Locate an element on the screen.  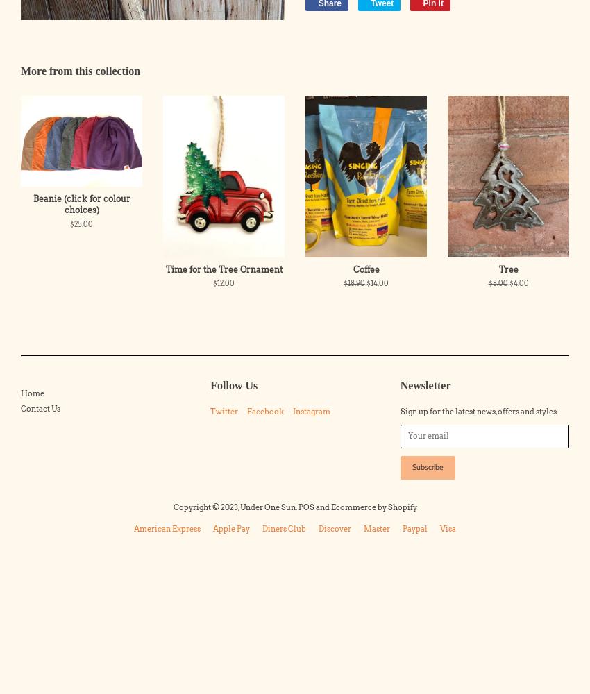
'diners club' is located at coordinates (284, 528).